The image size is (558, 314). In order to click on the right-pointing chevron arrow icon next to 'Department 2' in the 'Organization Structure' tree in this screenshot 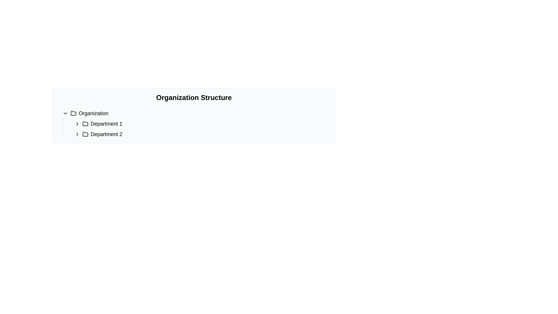, I will do `click(77, 134)`.